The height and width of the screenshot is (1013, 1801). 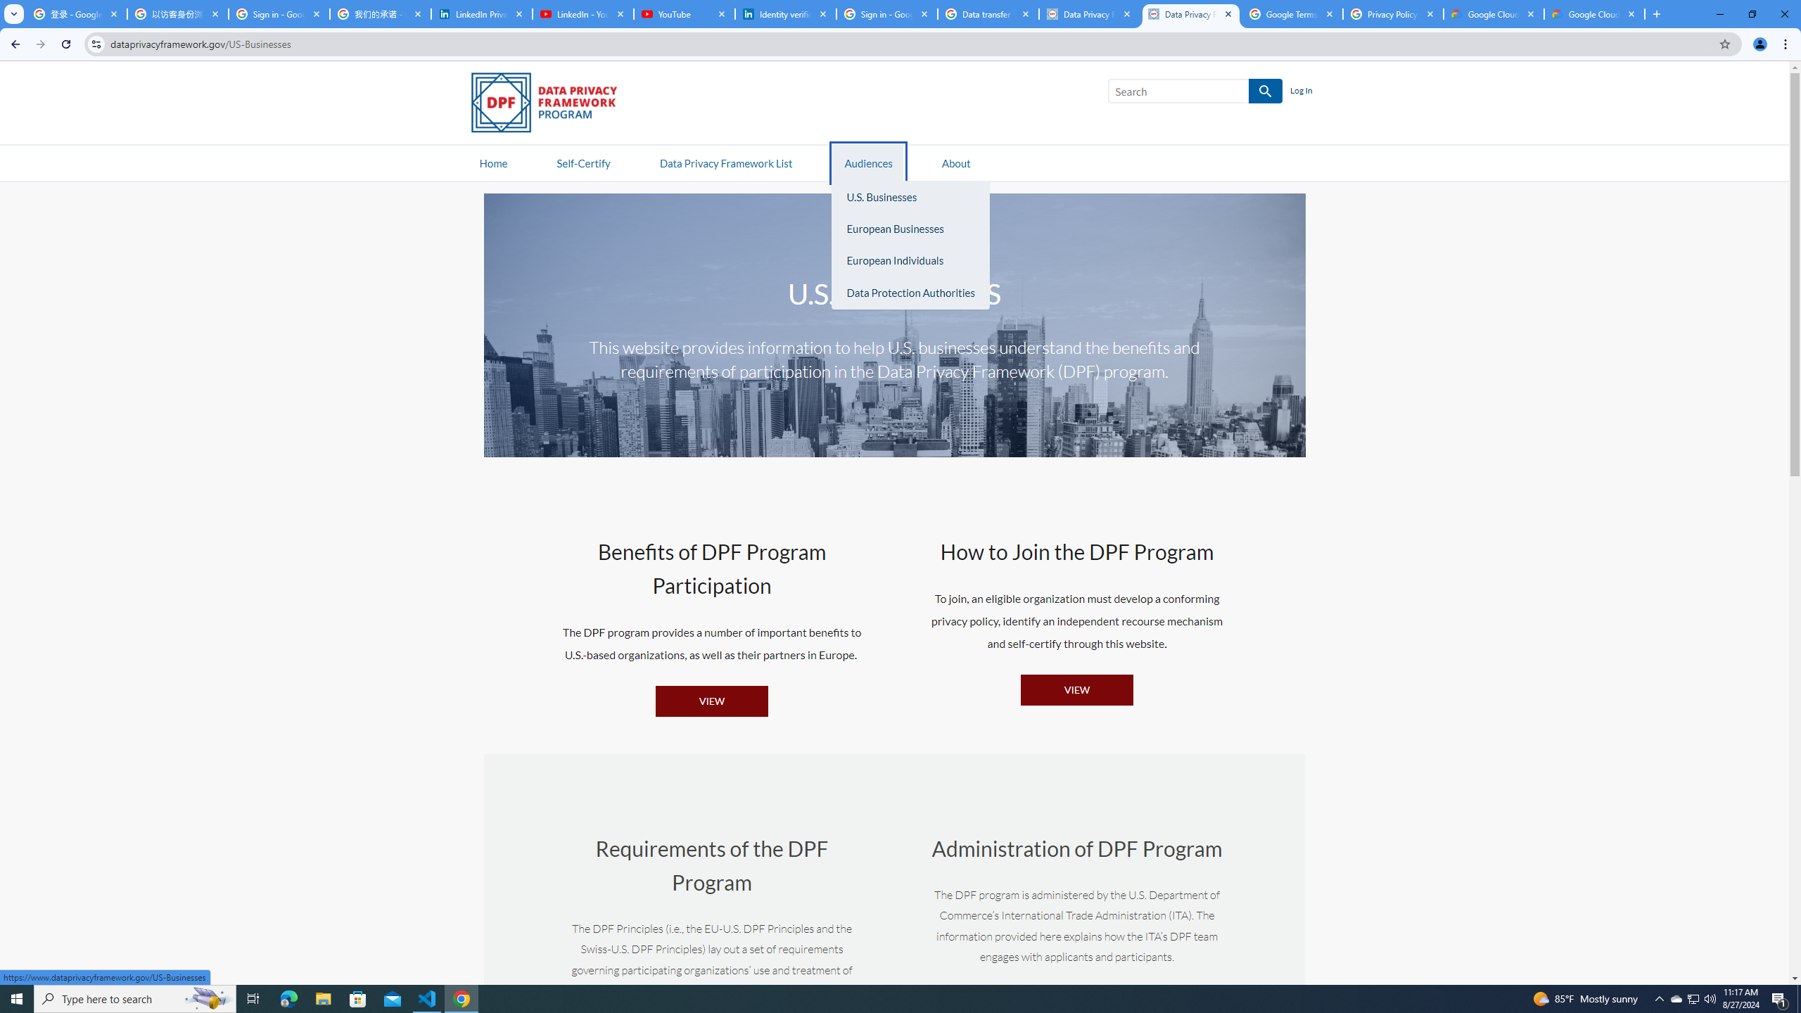 I want to click on 'Data Privacy Framework Logo - Link to Homepage', so click(x=550, y=105).